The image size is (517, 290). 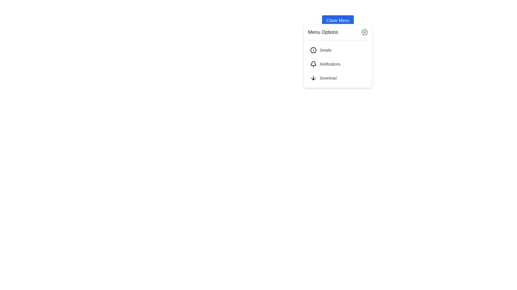 What do you see at coordinates (337, 78) in the screenshot?
I see `the 'Download' button located below the 'Notifications' option in the 'Menu Options' section` at bounding box center [337, 78].